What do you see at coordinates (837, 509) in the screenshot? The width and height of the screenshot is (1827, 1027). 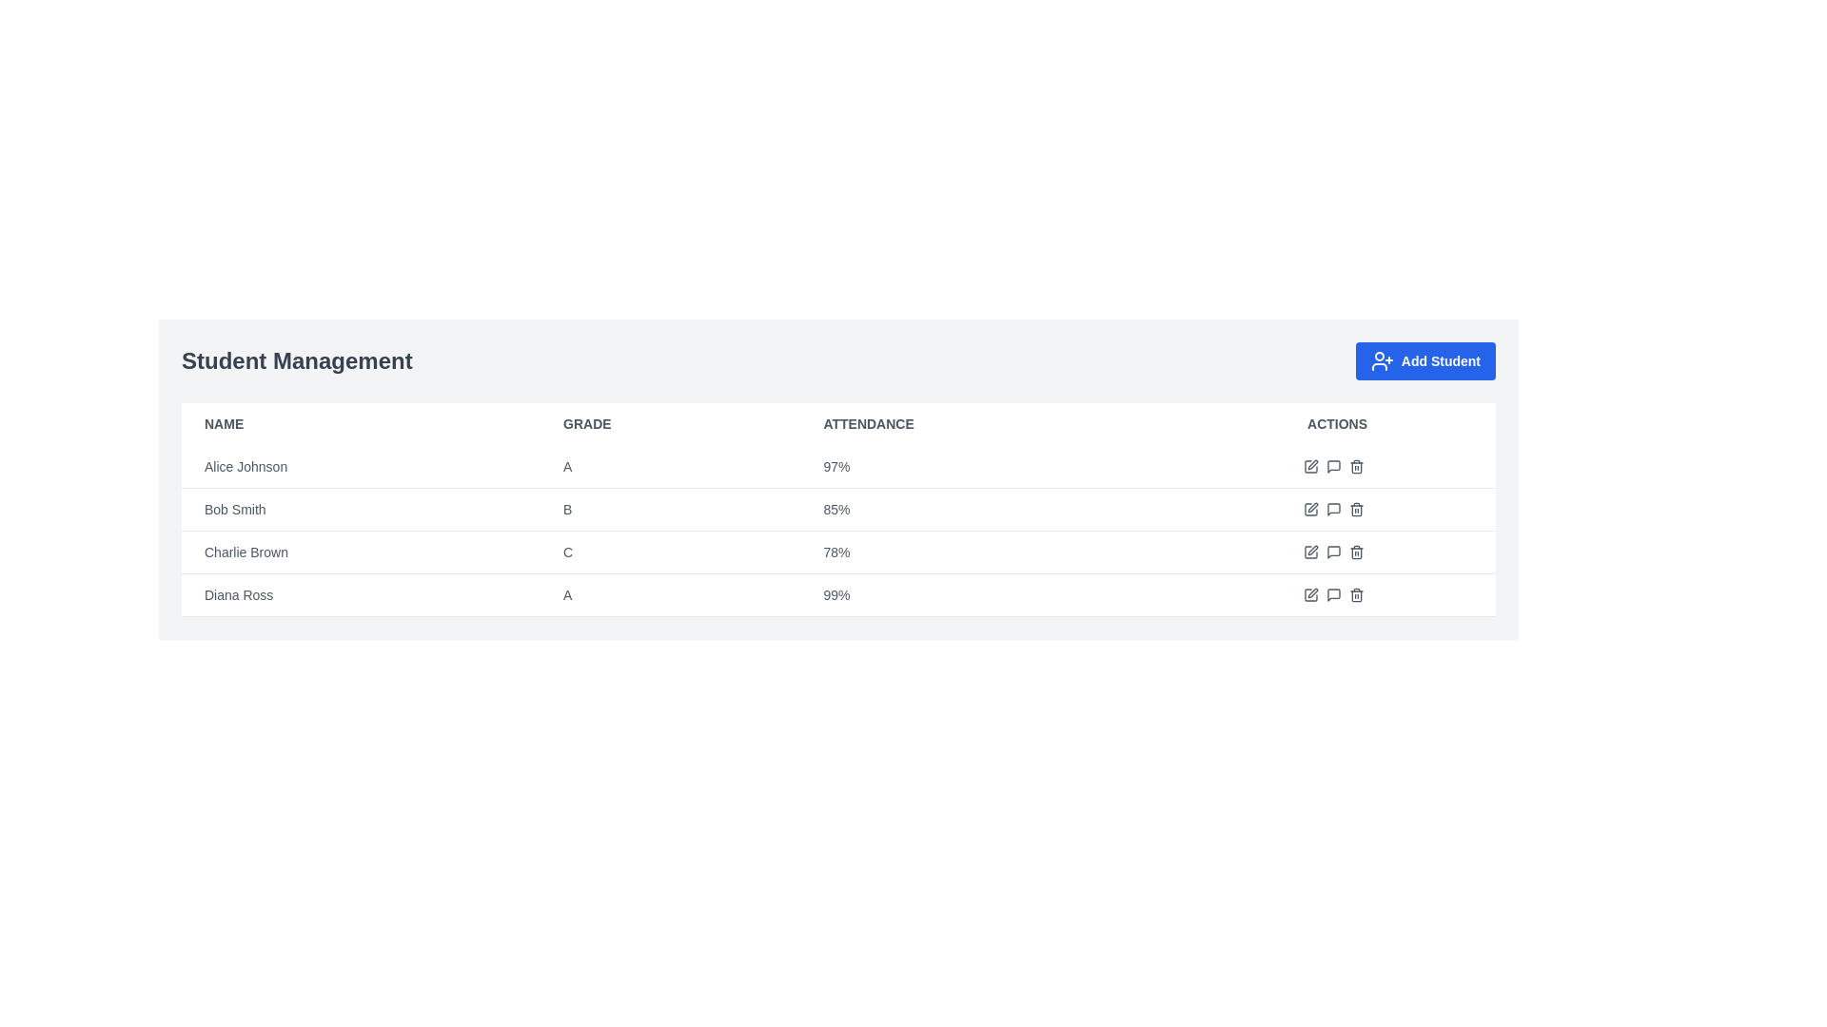 I see `the second row of the table displaying the details for student 'Bob Smith'` at bounding box center [837, 509].